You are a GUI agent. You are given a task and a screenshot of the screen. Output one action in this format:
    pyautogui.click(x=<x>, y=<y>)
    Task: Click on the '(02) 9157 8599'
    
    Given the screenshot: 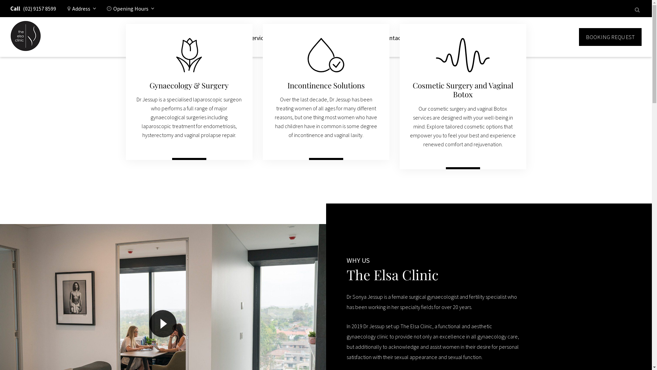 What is the action you would take?
    pyautogui.click(x=39, y=10)
    